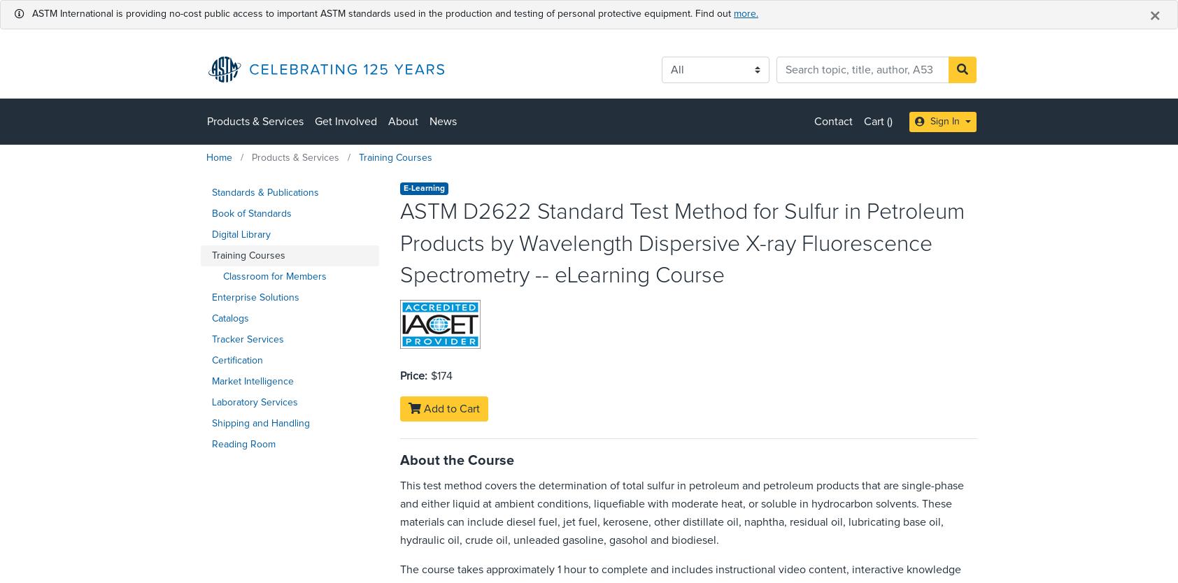  I want to click on 'Shipping and Handling', so click(261, 423).